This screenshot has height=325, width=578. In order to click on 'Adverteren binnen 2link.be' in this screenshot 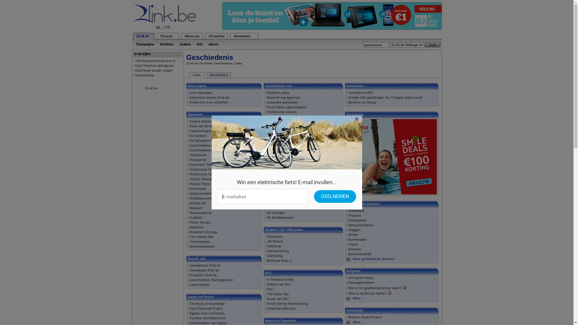, I will do `click(210, 97)`.